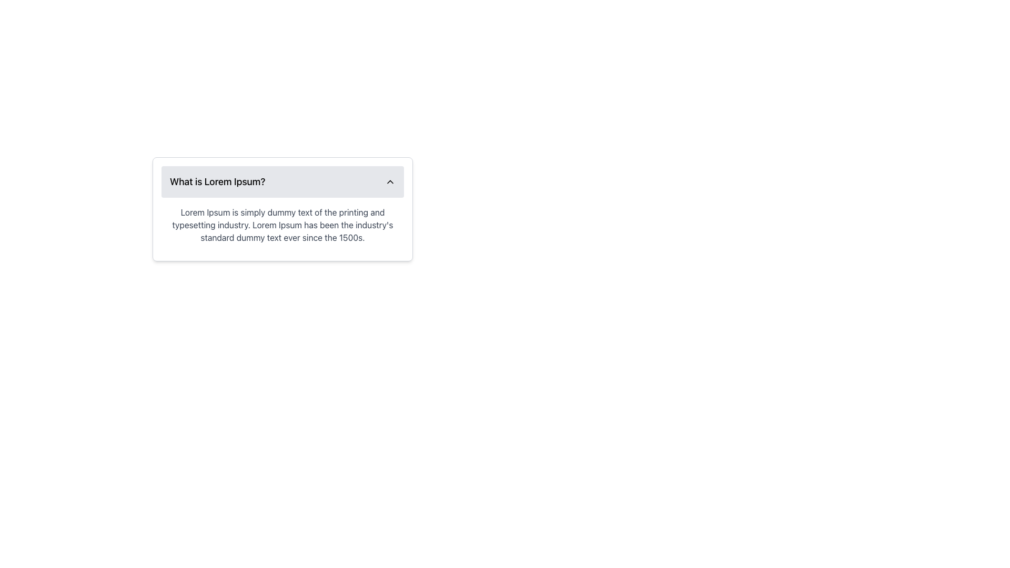 This screenshot has width=1010, height=568. I want to click on text displayed in the Text block located just below the heading 'What is Lorem Ipsum?', so click(282, 225).